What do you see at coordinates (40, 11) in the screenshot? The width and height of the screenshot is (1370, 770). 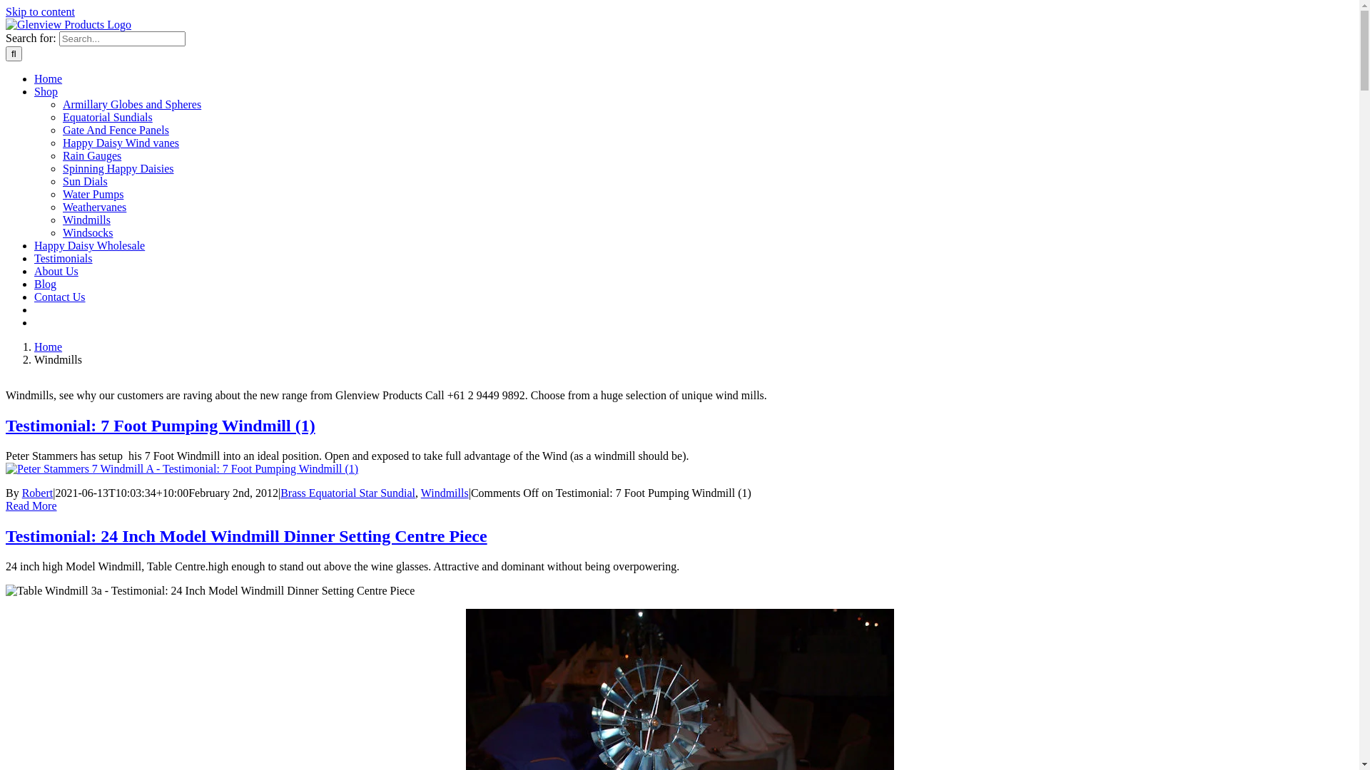 I see `'Skip to content'` at bounding box center [40, 11].